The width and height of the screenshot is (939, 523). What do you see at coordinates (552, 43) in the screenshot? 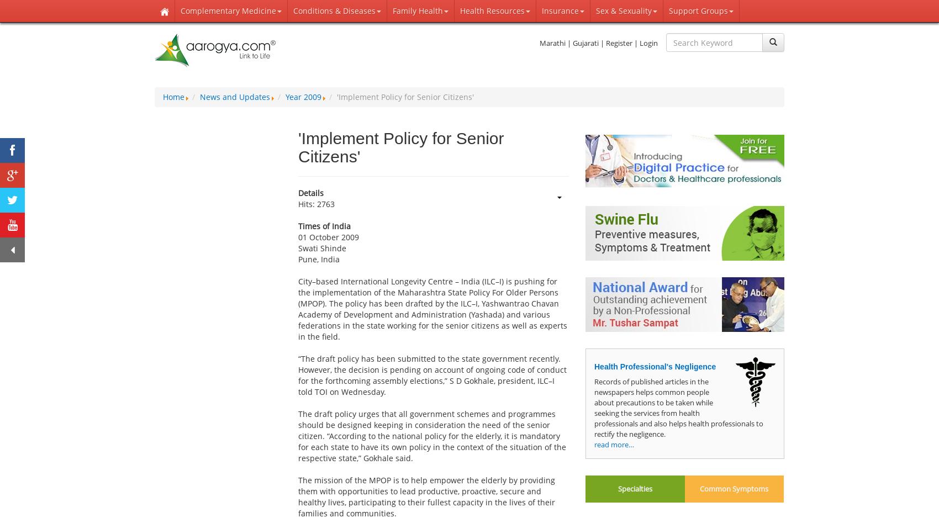
I see `'Marathi'` at bounding box center [552, 43].